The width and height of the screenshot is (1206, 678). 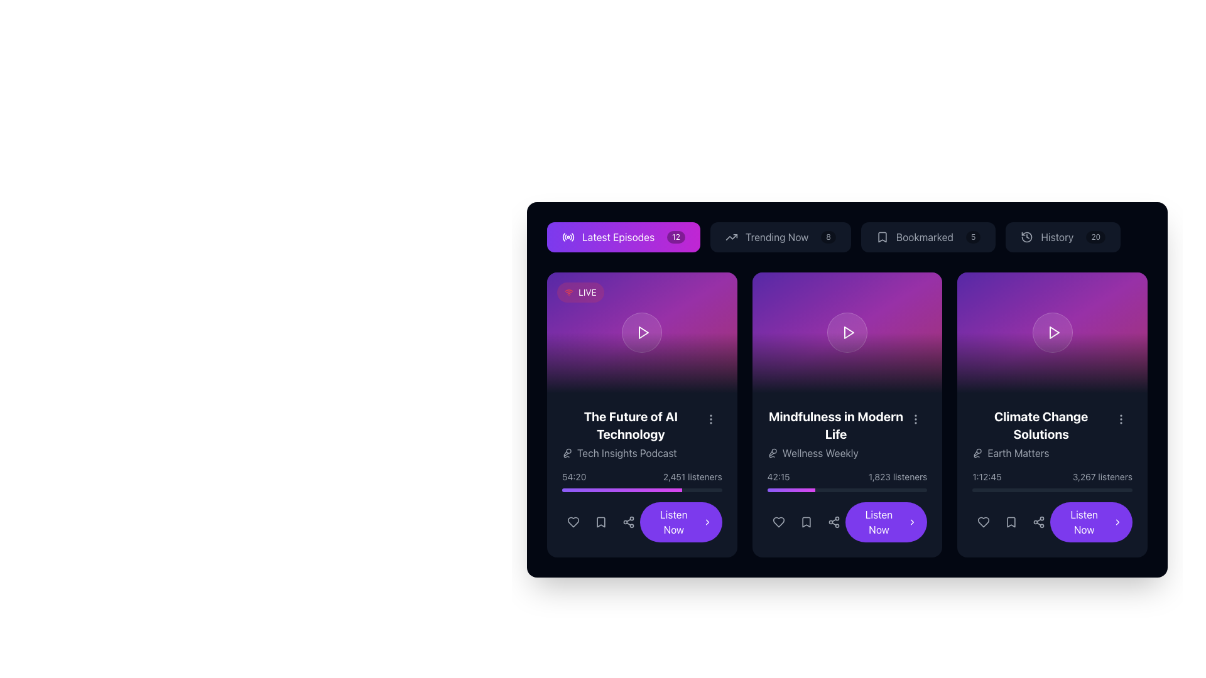 I want to click on the 'Bookmarked' text label in the menu bar, which is styled in gray font on a dark background, so click(x=925, y=237).